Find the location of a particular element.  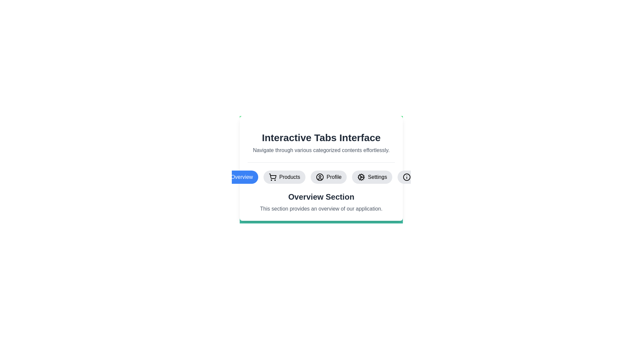

the circular Decorative SVG element within the 'Settings' icon, which is part of the cogwheel design located in the interactive tabs section is located at coordinates (361, 177).